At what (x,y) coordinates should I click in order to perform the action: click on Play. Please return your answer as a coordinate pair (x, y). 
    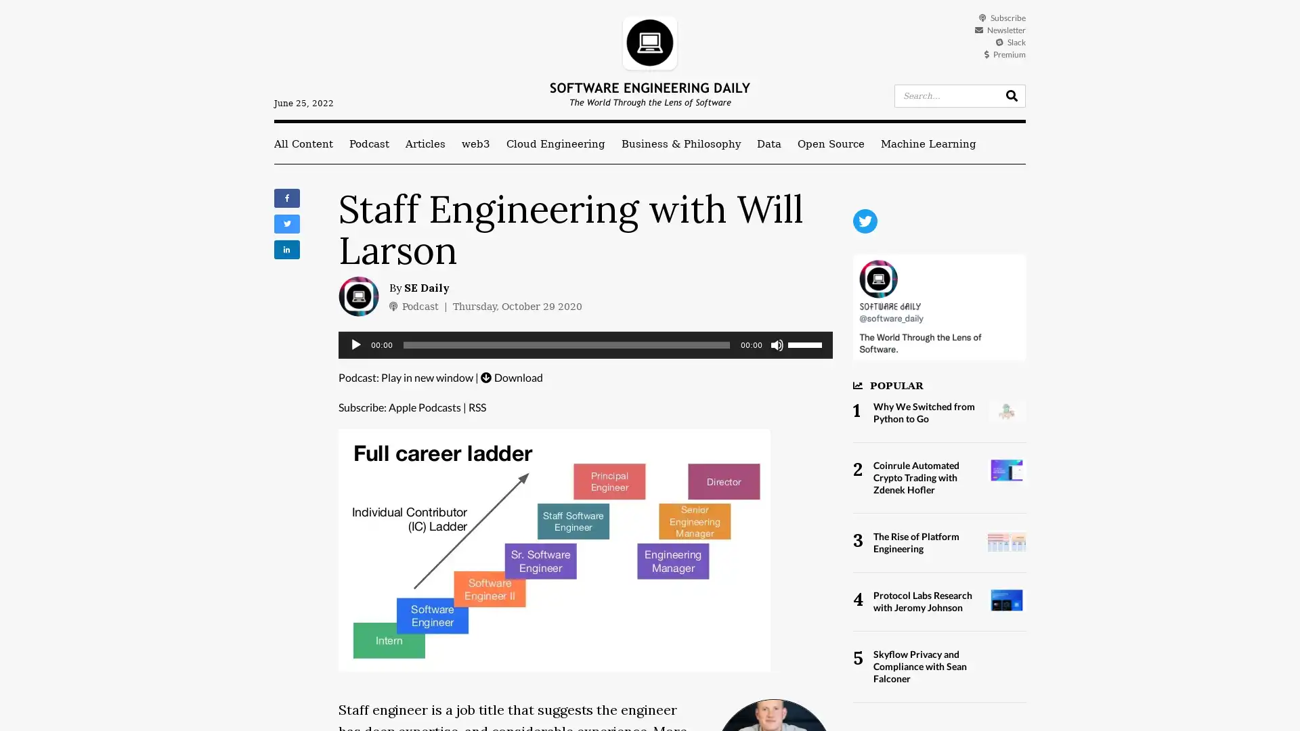
    Looking at the image, I should click on (355, 344).